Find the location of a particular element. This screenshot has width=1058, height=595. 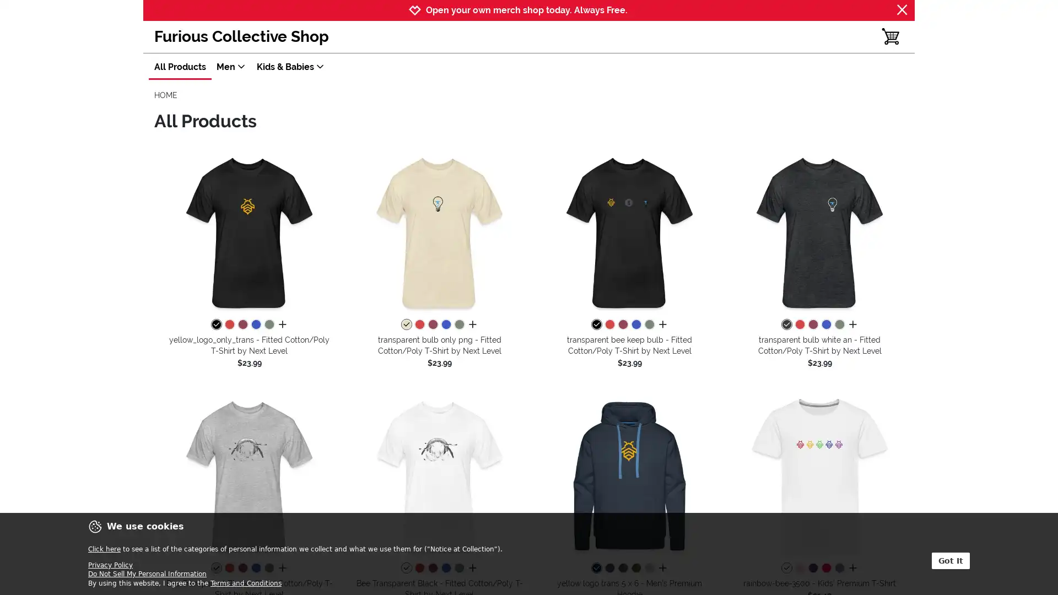

heather royal is located at coordinates (255, 324).